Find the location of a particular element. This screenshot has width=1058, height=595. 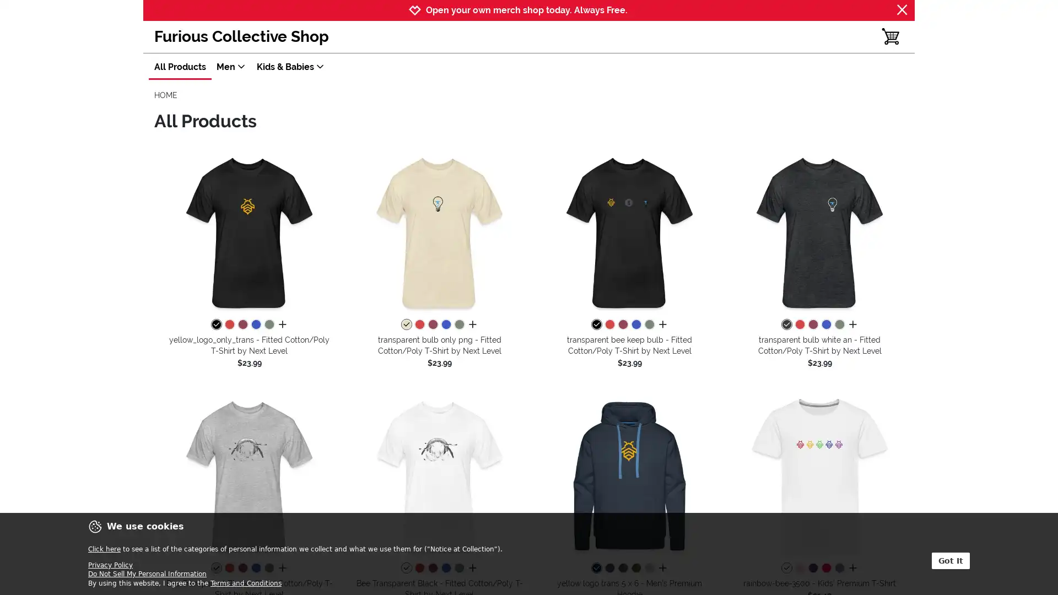

heather royal is located at coordinates (255, 324).